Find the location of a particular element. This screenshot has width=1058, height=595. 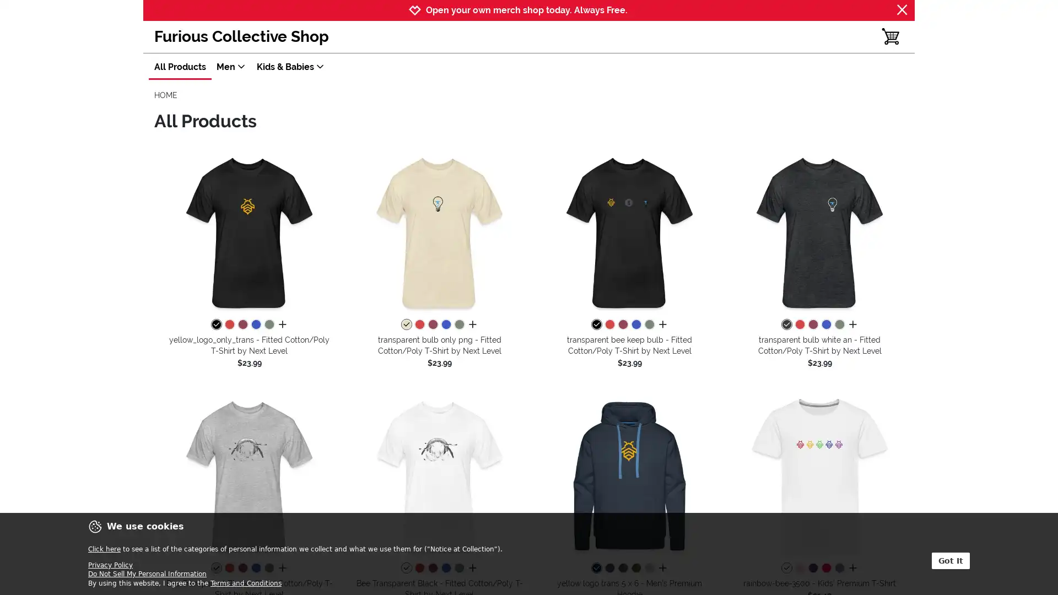

heather royal is located at coordinates (255, 324).